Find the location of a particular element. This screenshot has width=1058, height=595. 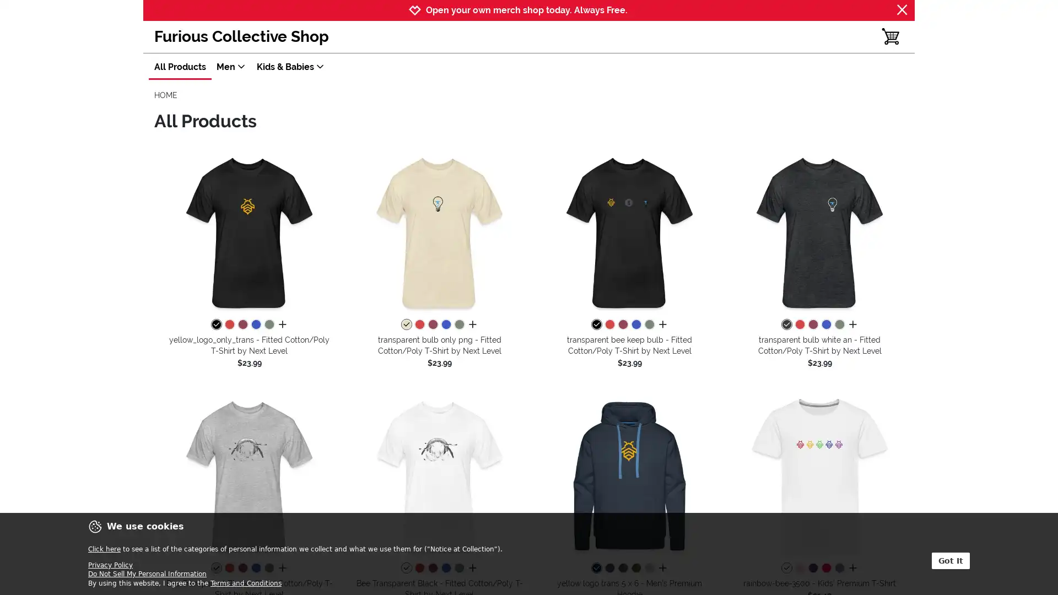

heather royal is located at coordinates (255, 324).